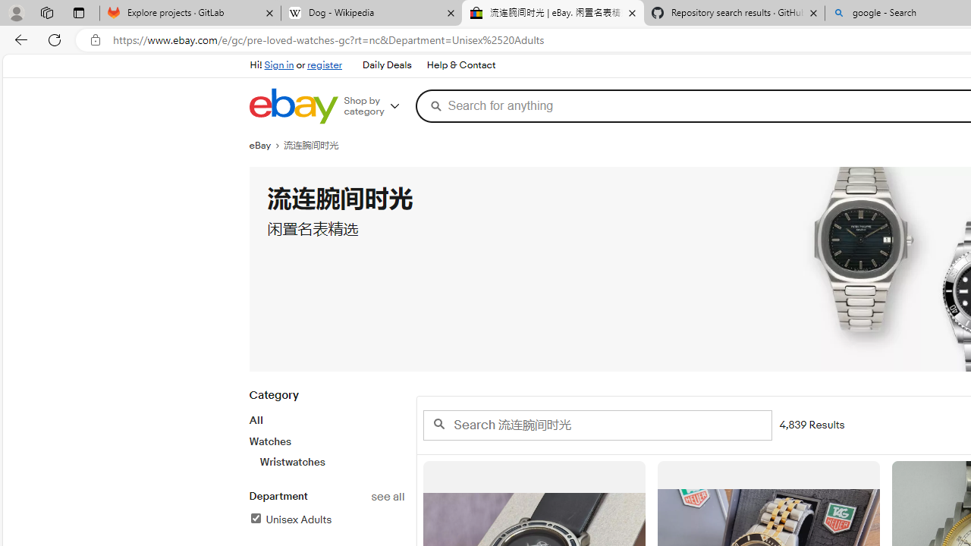 The image size is (971, 546). What do you see at coordinates (388, 497) in the screenshot?
I see `'See all department refinements'` at bounding box center [388, 497].